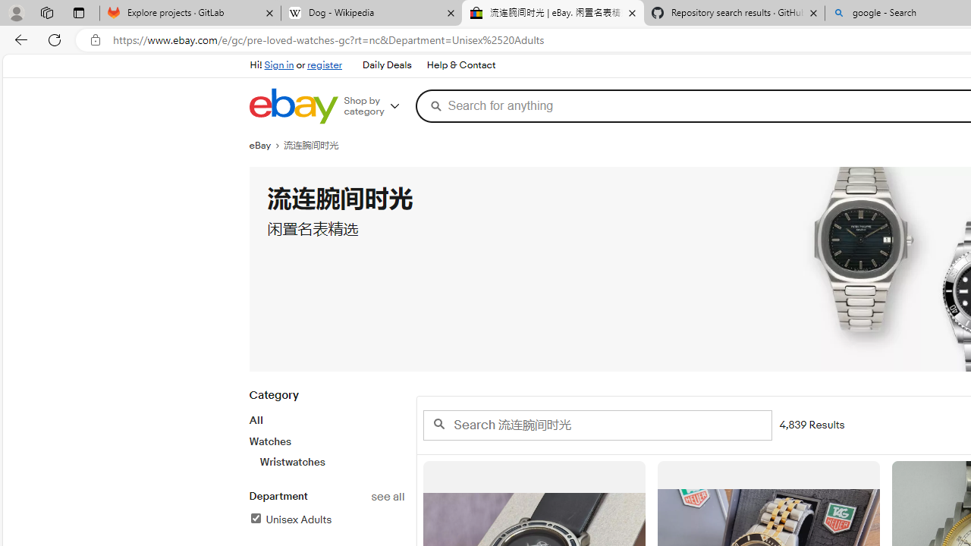 The image size is (971, 546). What do you see at coordinates (388, 497) in the screenshot?
I see `'See all department refinements'` at bounding box center [388, 497].